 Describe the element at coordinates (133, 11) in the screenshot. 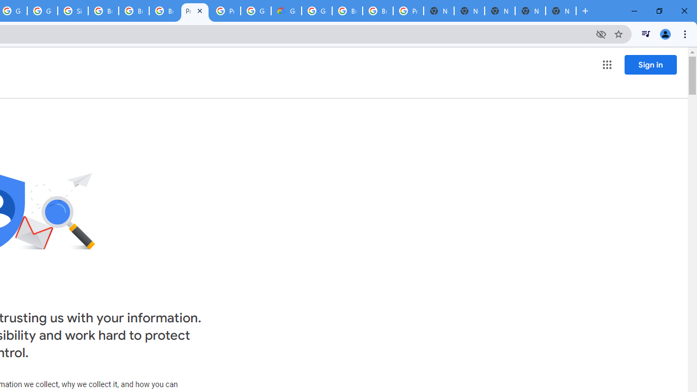

I see `'Browse Chrome as a guest - Computer - Google Chrome Help'` at that location.